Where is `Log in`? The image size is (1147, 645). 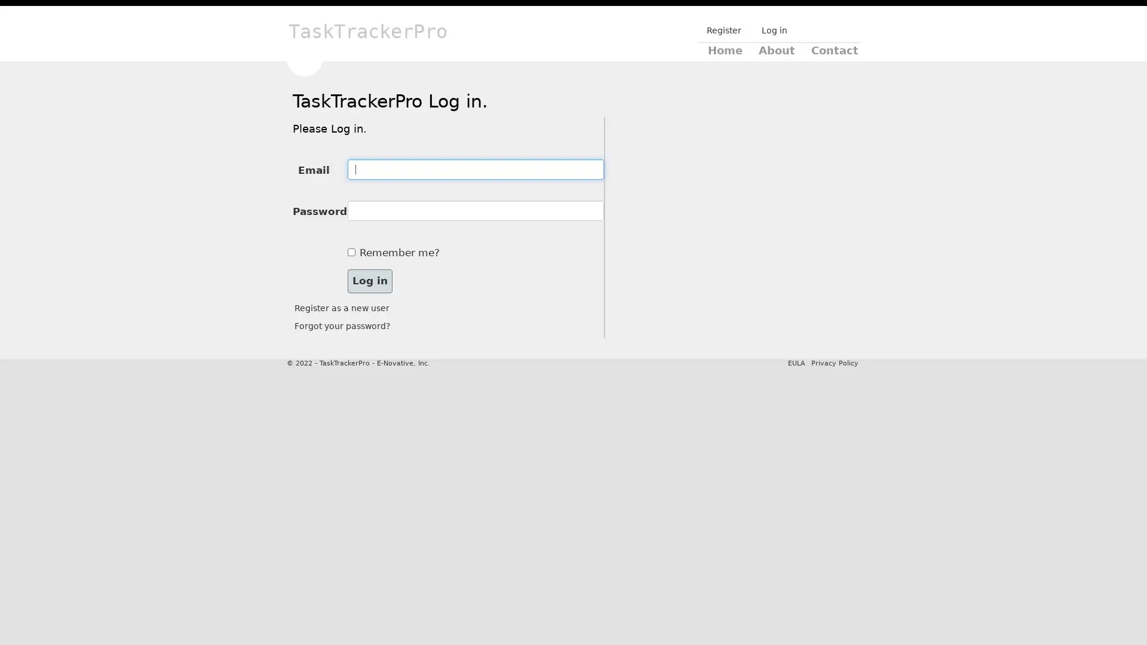 Log in is located at coordinates (369, 281).